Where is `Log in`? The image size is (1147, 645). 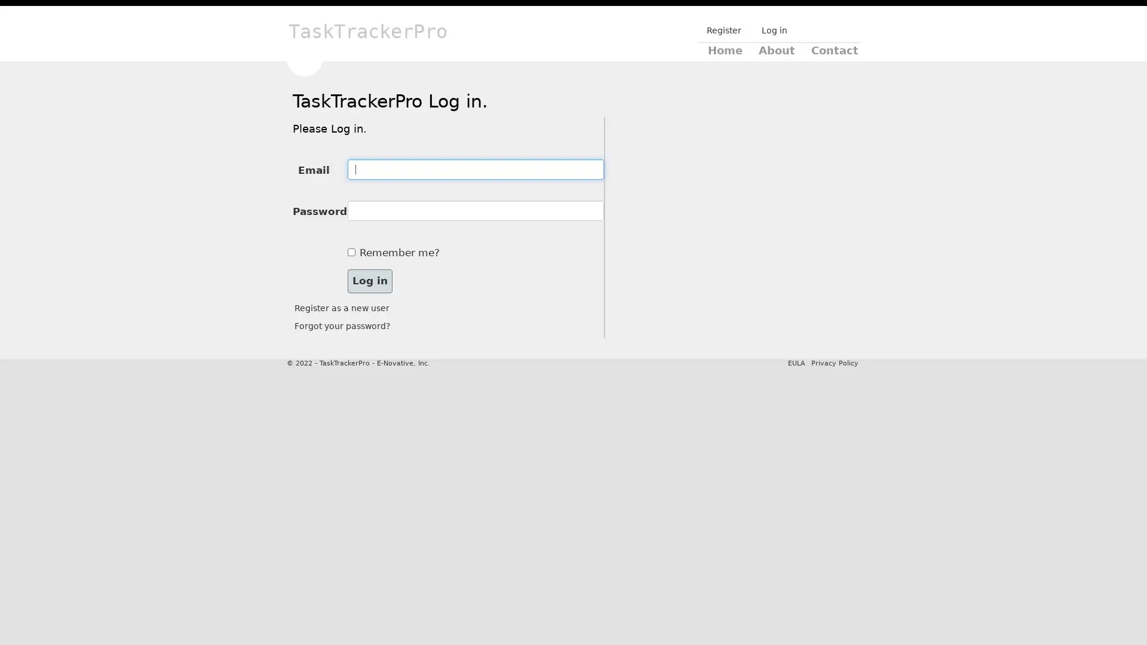 Log in is located at coordinates (369, 281).